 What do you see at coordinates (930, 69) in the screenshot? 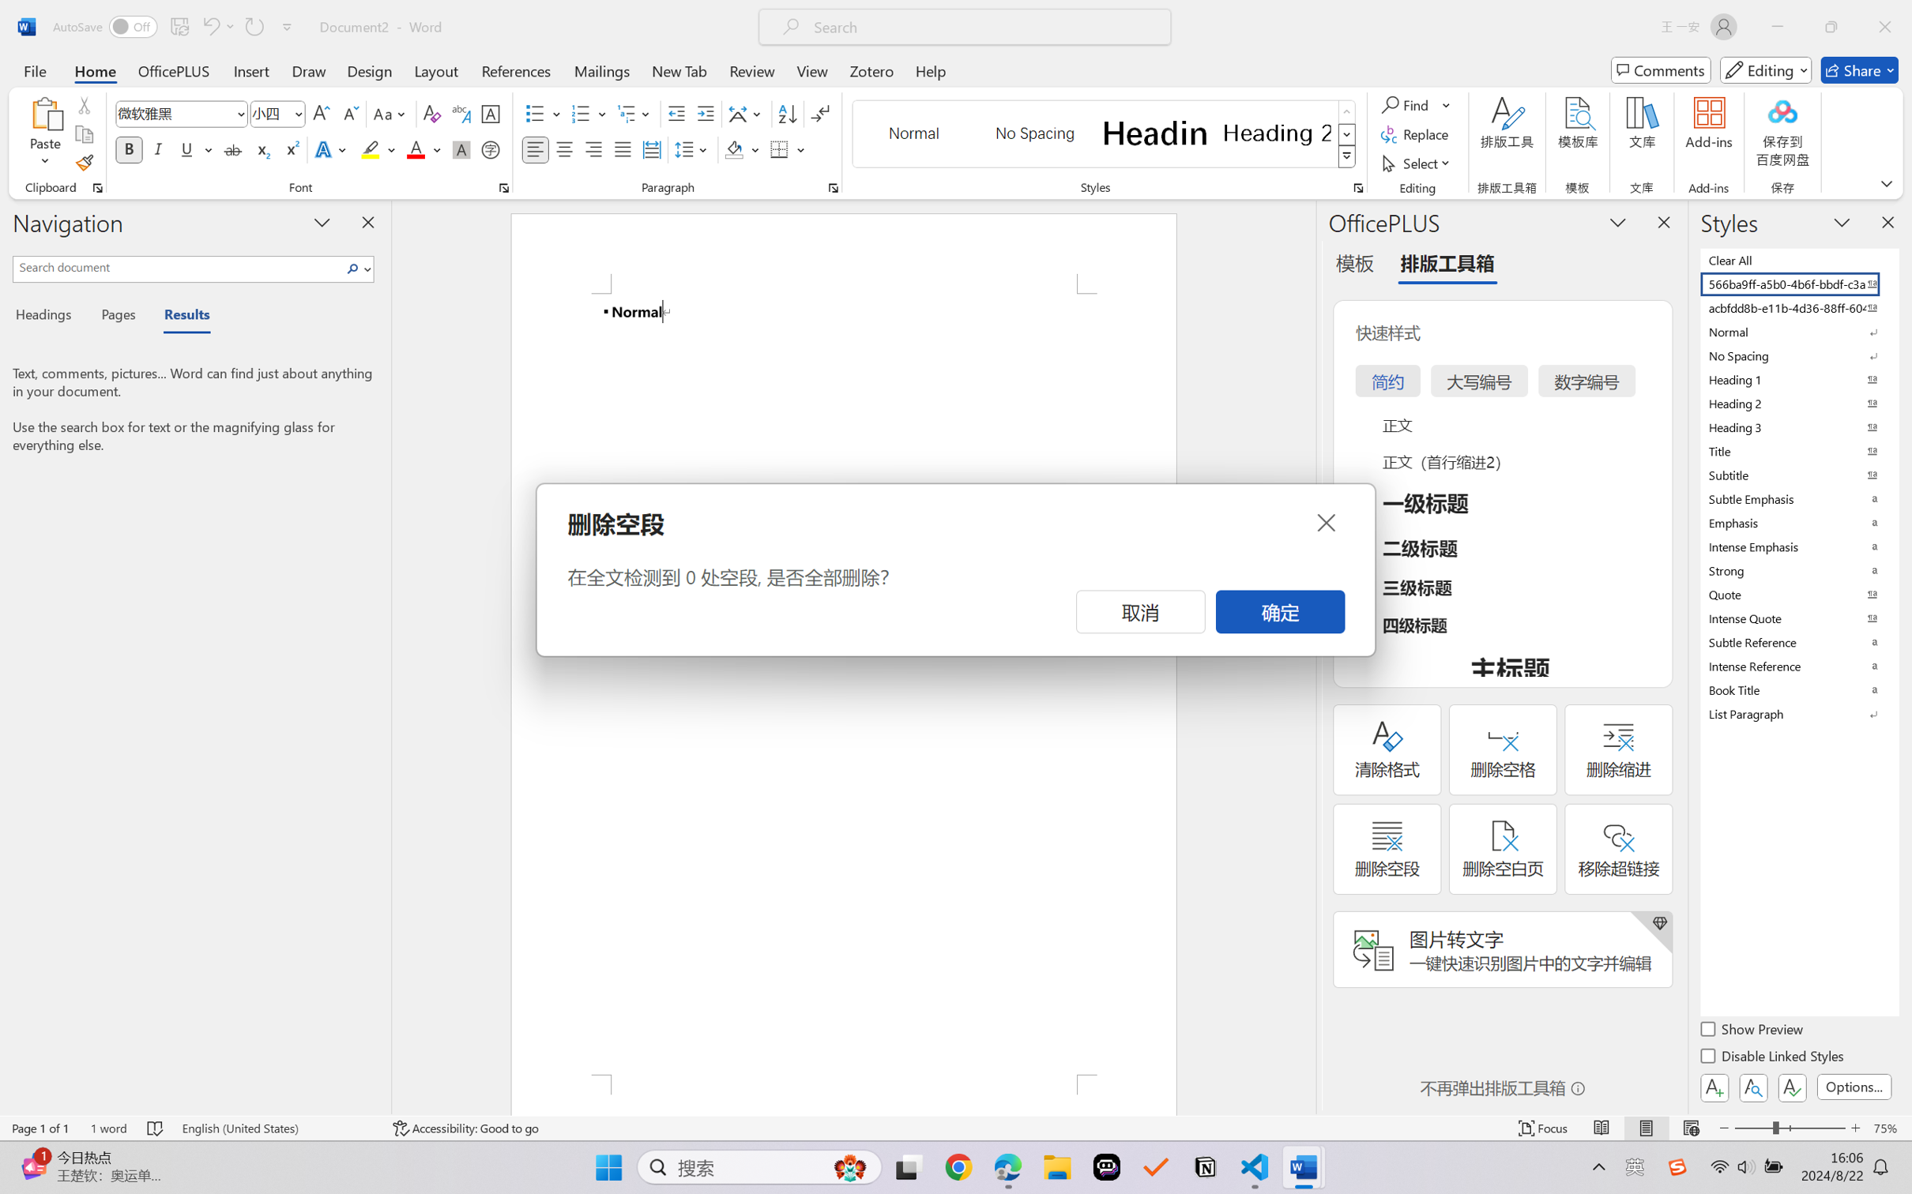
I see `'Help'` at bounding box center [930, 69].